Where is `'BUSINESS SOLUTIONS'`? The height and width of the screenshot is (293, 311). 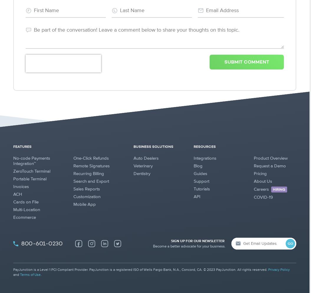
'BUSINESS SOLUTIONS' is located at coordinates (153, 147).